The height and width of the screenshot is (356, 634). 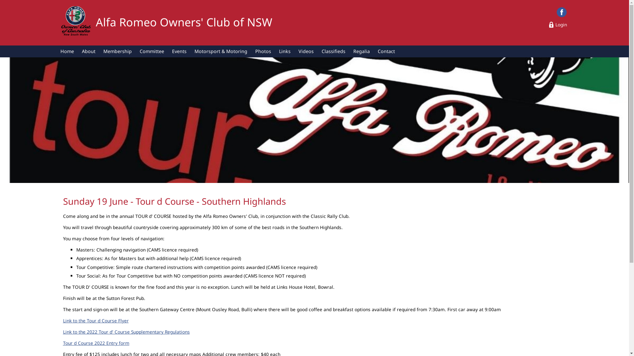 What do you see at coordinates (63, 320) in the screenshot?
I see `'Link to the Tour d Course Flyer'` at bounding box center [63, 320].